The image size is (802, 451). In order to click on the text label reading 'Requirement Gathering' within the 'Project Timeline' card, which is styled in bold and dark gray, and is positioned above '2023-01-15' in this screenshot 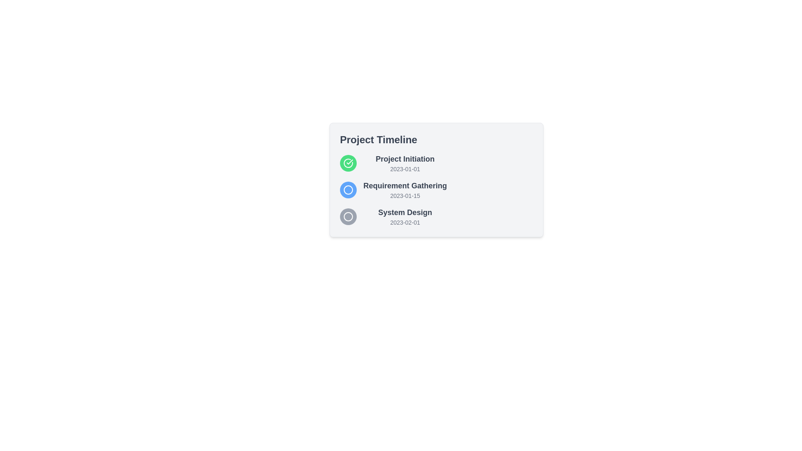, I will do `click(405, 185)`.